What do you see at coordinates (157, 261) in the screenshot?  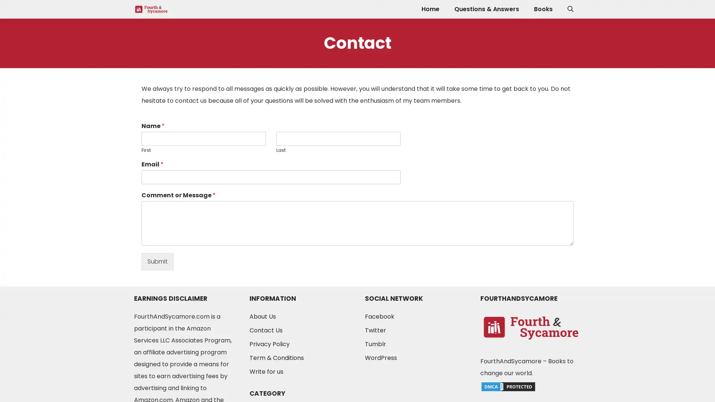 I see `Submit` at bounding box center [157, 261].